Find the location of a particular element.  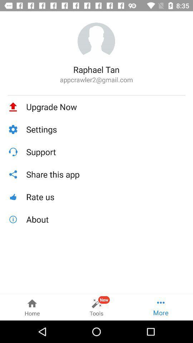

item above the raphael tan item is located at coordinates (96, 41).